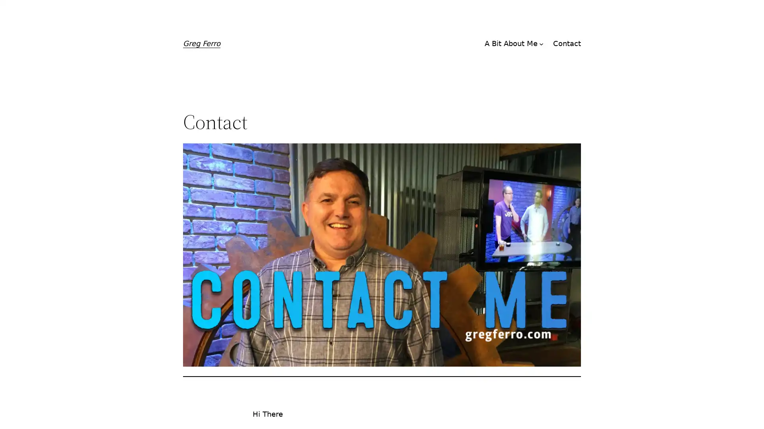 The image size is (764, 429). I want to click on A Bit About Me submenu, so click(541, 44).